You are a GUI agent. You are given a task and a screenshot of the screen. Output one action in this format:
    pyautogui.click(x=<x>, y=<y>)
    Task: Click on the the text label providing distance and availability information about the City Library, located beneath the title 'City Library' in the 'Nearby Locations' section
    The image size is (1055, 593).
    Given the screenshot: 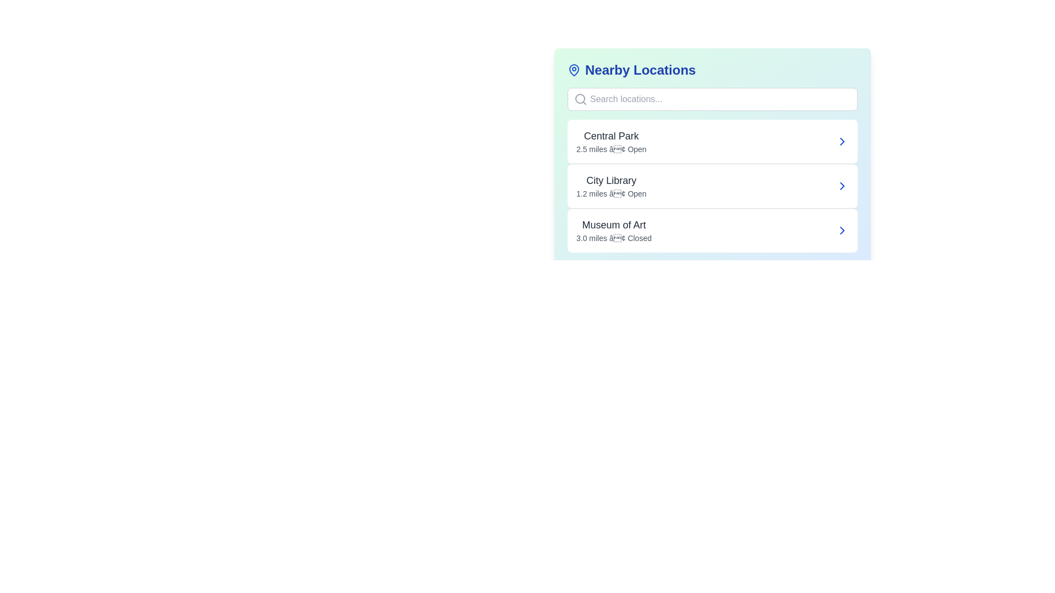 What is the action you would take?
    pyautogui.click(x=610, y=193)
    